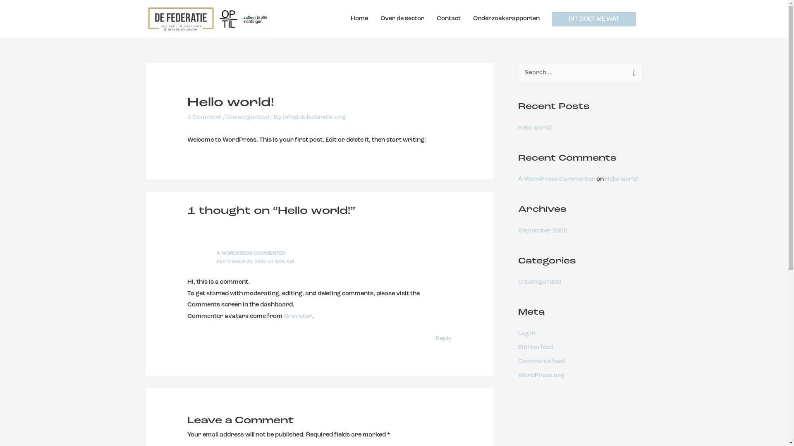 This screenshot has height=446, width=794. Describe the element at coordinates (443, 339) in the screenshot. I see `'Reply'` at that location.